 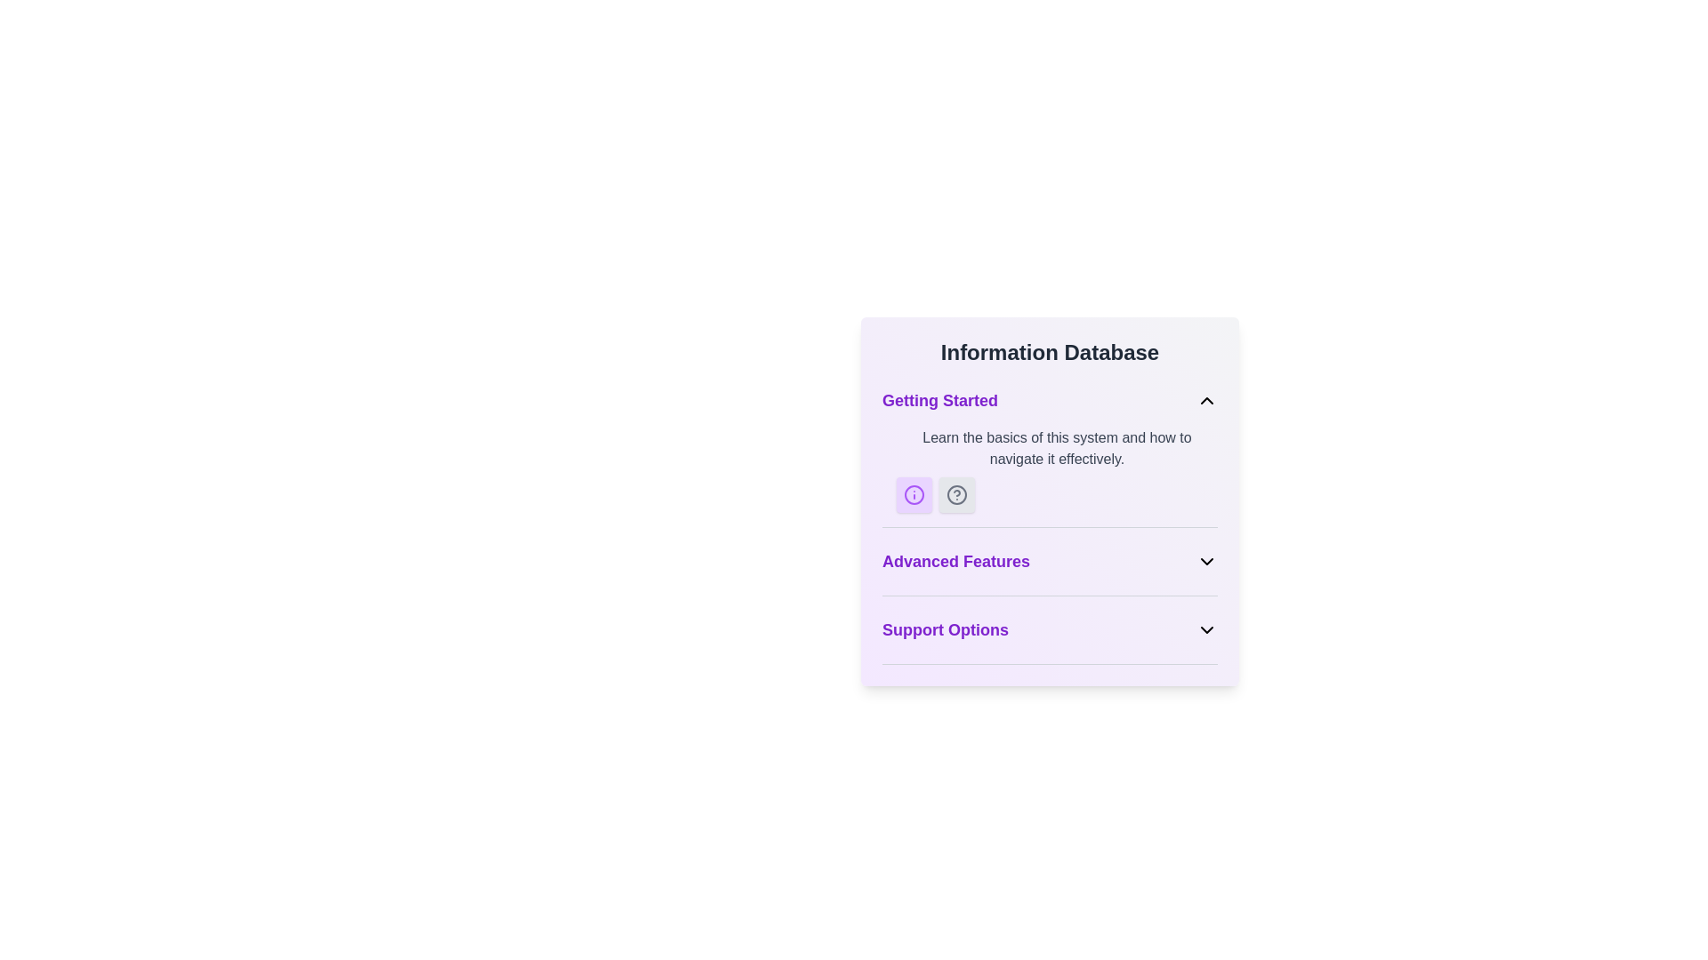 What do you see at coordinates (1207, 401) in the screenshot?
I see `the chevron icon on the far-right side of the 'Getting Started' section header` at bounding box center [1207, 401].